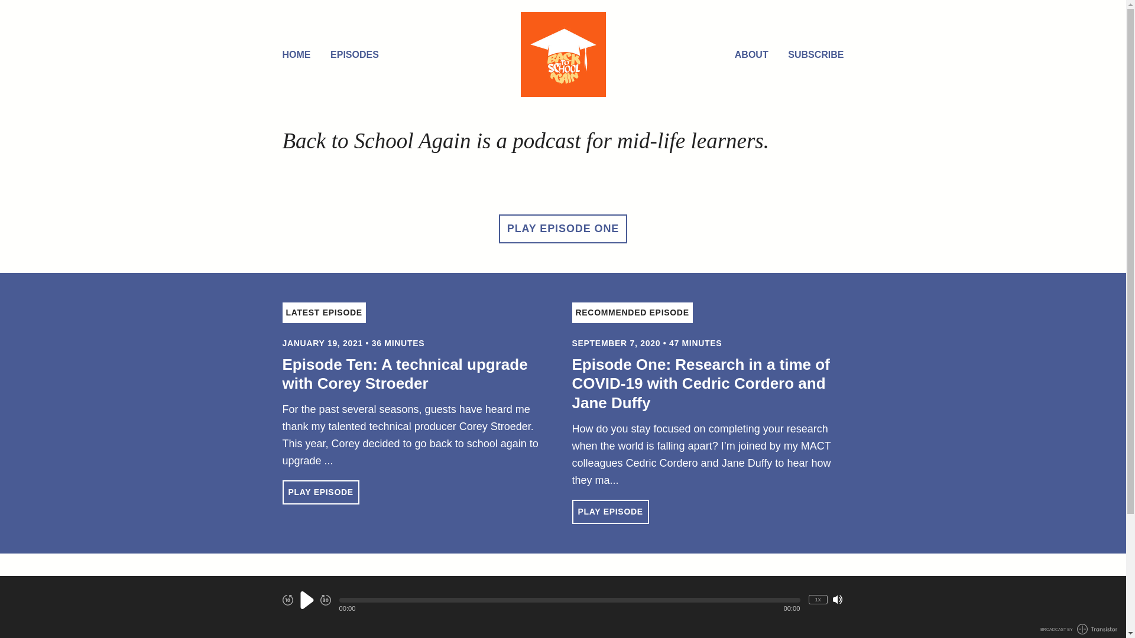  What do you see at coordinates (607, 606) in the screenshot?
I see `'LinkedIn'` at bounding box center [607, 606].